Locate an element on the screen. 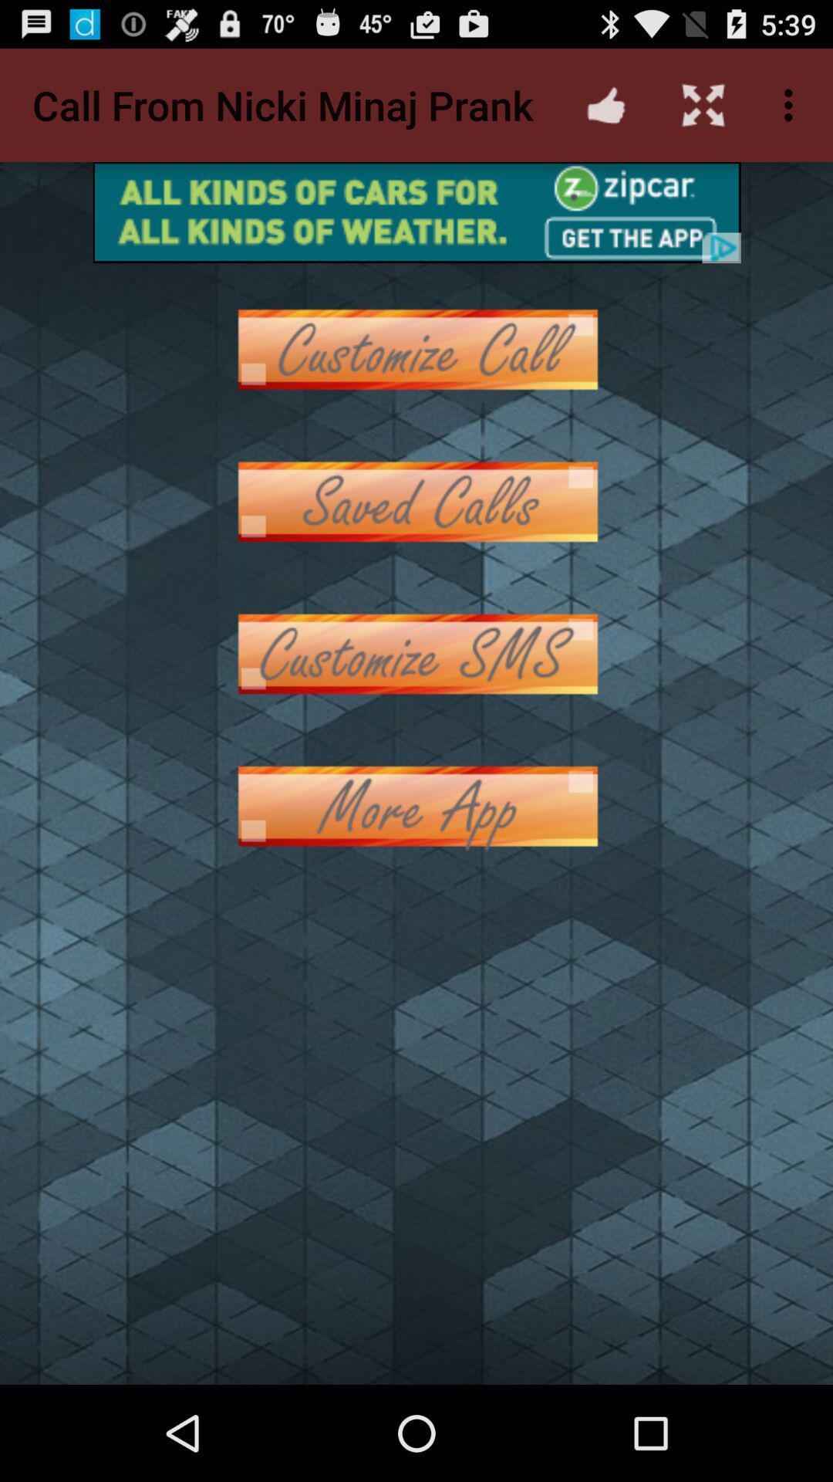 The image size is (833, 1482). phone customer service is located at coordinates (416, 654).